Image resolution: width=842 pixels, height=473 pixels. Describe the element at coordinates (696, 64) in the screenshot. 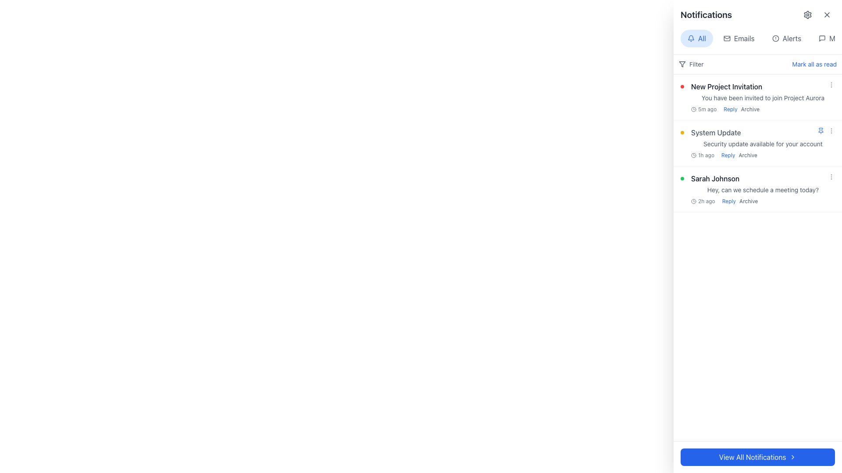

I see `the Text Label that indicates the purpose of filtering, located in the top left area of the notifications section, adjacent to the filter icon` at that location.